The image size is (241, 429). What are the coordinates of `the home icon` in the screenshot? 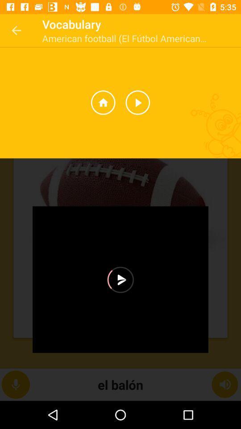 It's located at (103, 102).